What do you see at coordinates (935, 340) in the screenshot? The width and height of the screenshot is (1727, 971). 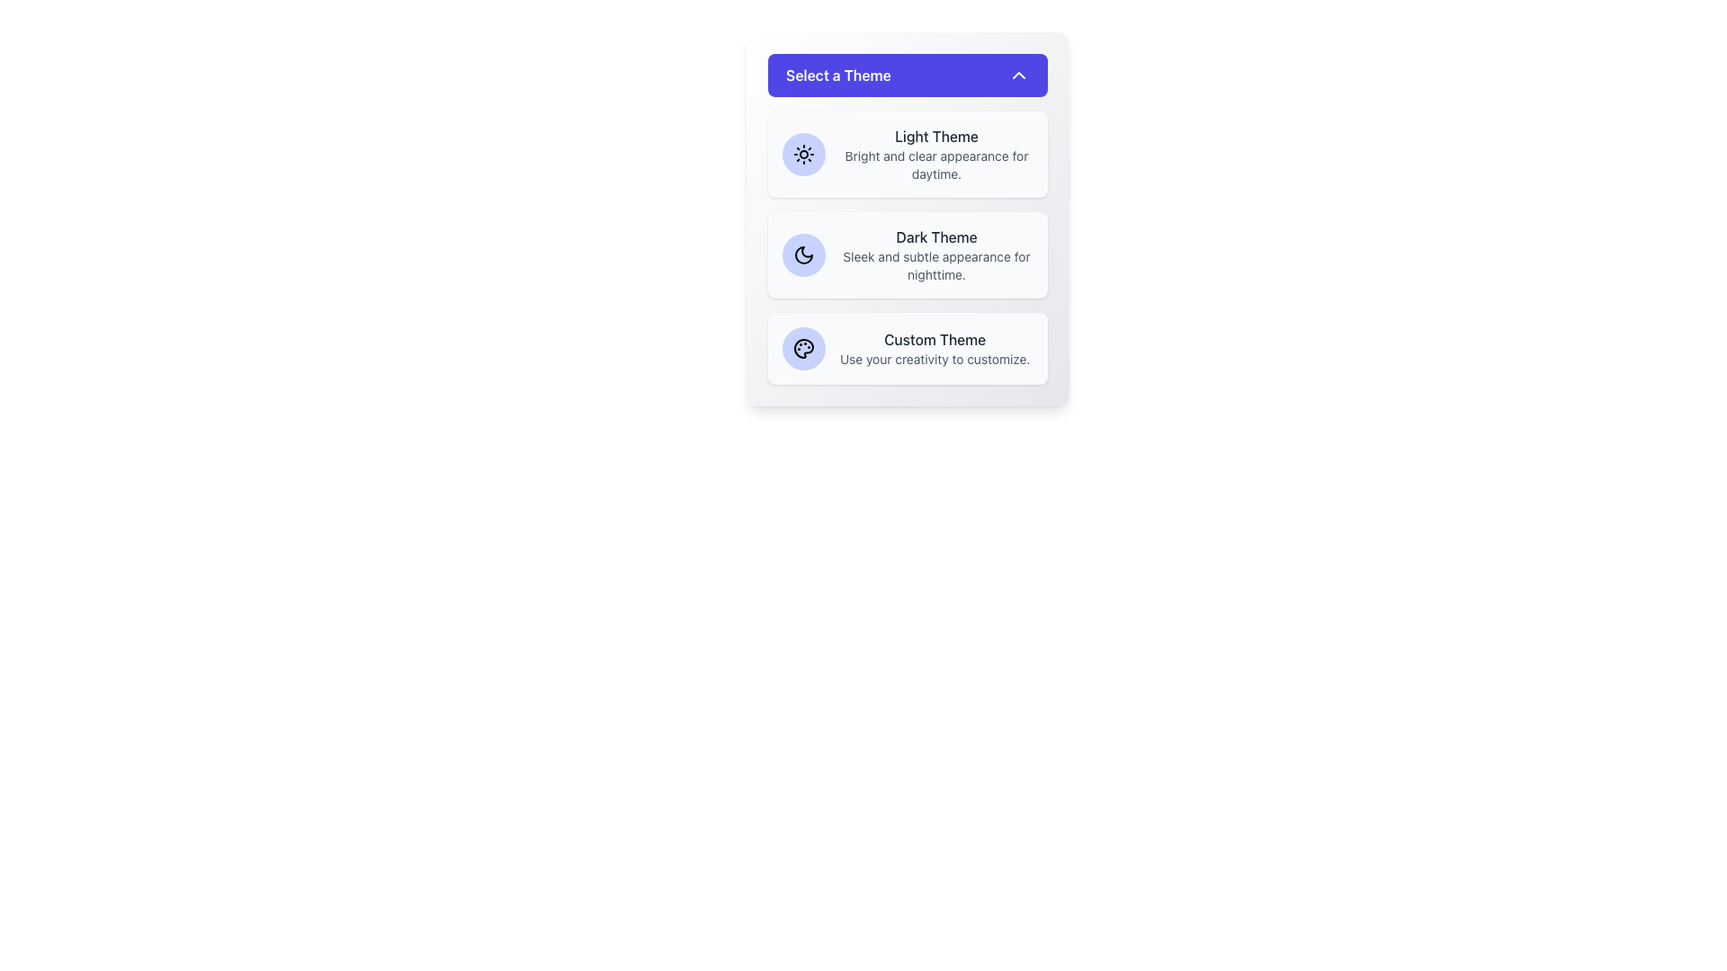 I see `the Text Label that serves as the title for the 'Custom Theme' option, located at the bottommost theme option in a vertical list` at bounding box center [935, 340].